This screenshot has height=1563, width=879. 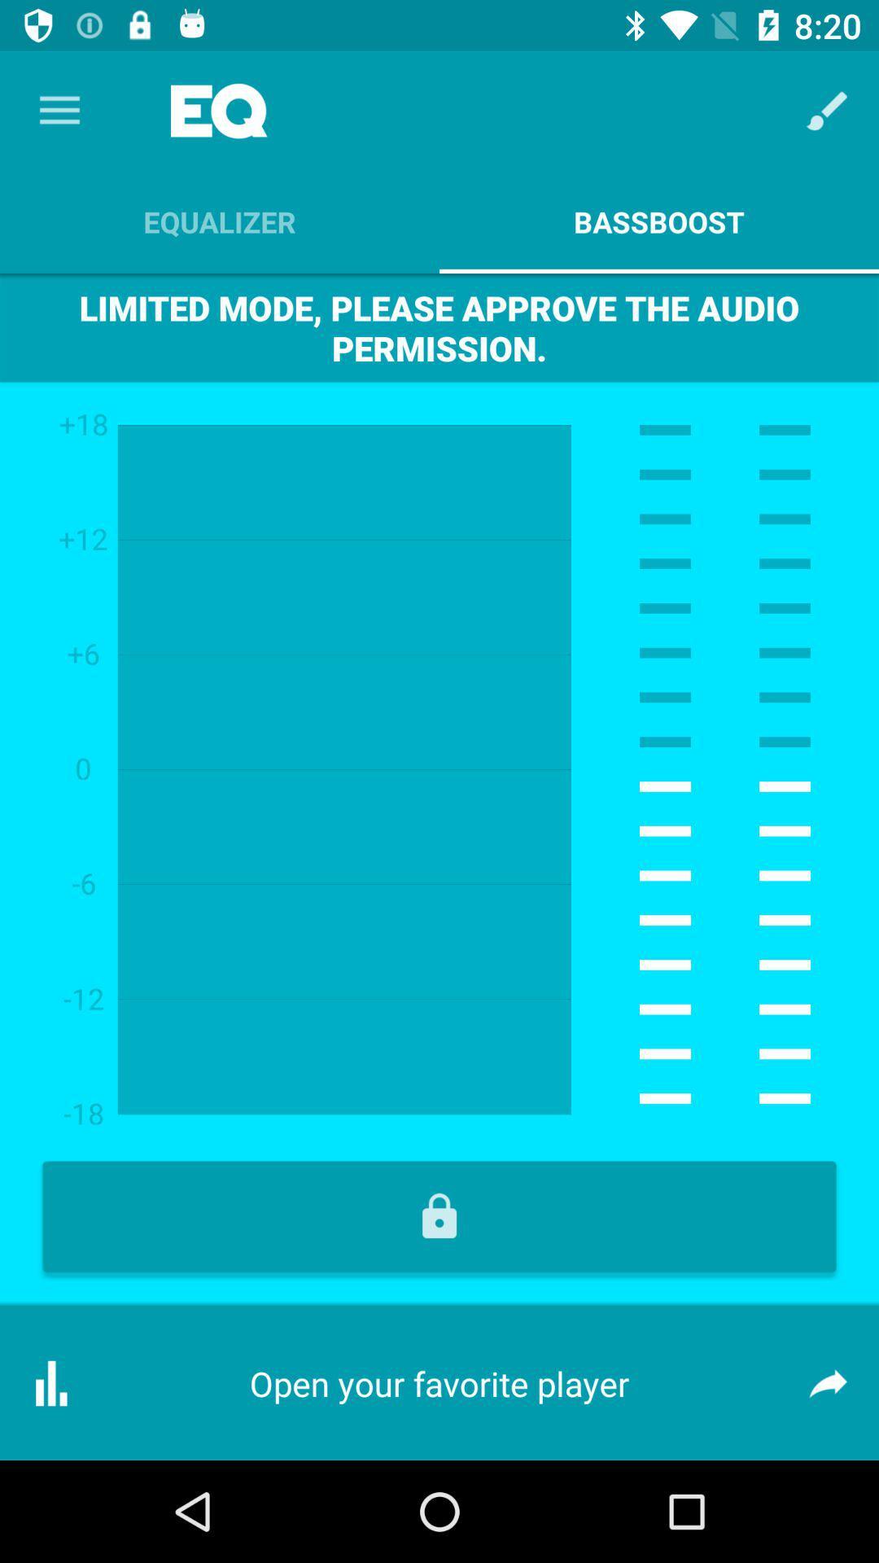 I want to click on limited mode please, so click(x=439, y=326).